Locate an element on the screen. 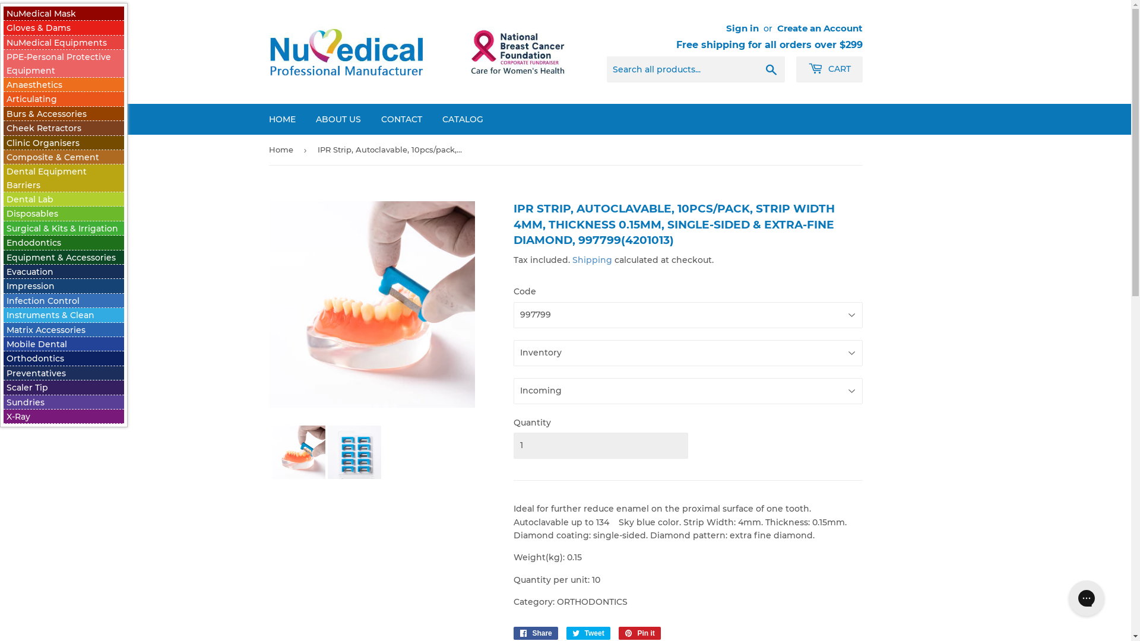 The width and height of the screenshot is (1140, 641). 'Endodontics' is located at coordinates (34, 242).